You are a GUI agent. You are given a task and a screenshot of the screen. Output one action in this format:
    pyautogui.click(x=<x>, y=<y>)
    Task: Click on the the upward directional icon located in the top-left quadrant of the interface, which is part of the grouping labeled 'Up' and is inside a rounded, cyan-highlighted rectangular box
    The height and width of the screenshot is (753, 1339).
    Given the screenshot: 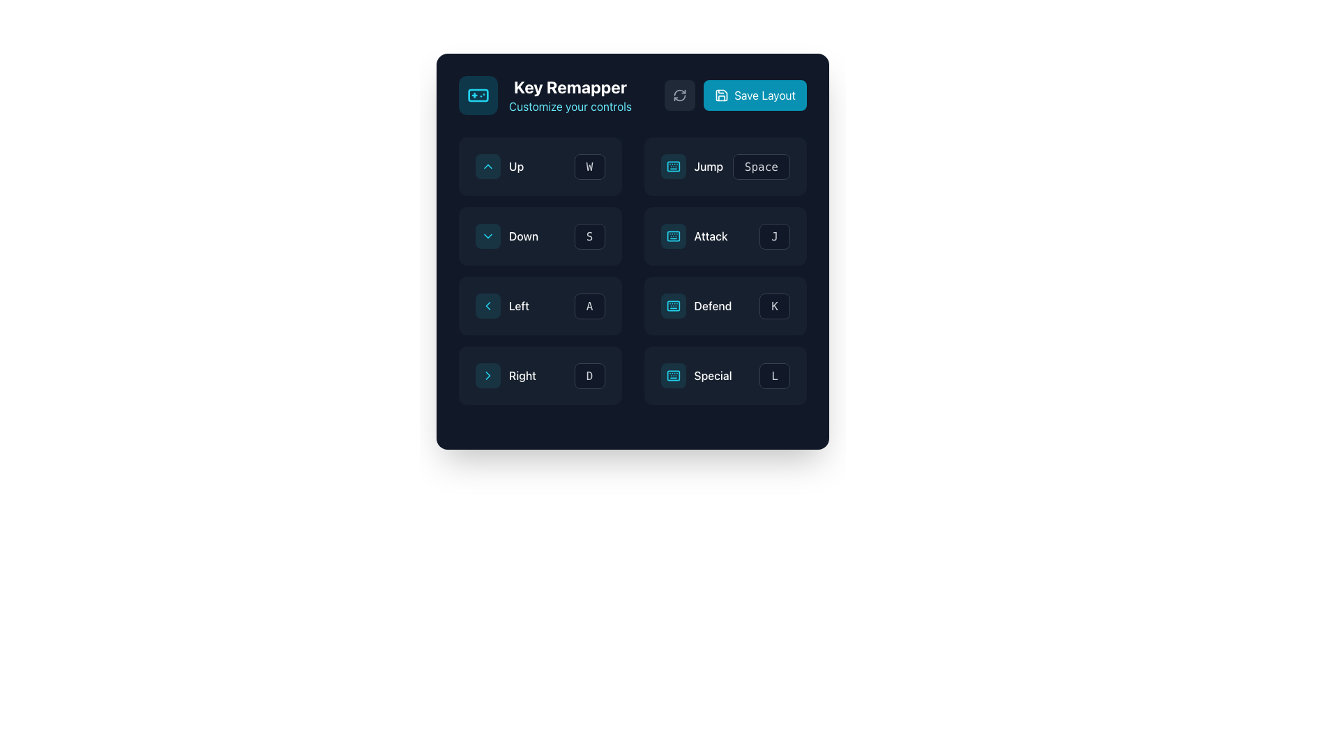 What is the action you would take?
    pyautogui.click(x=488, y=166)
    